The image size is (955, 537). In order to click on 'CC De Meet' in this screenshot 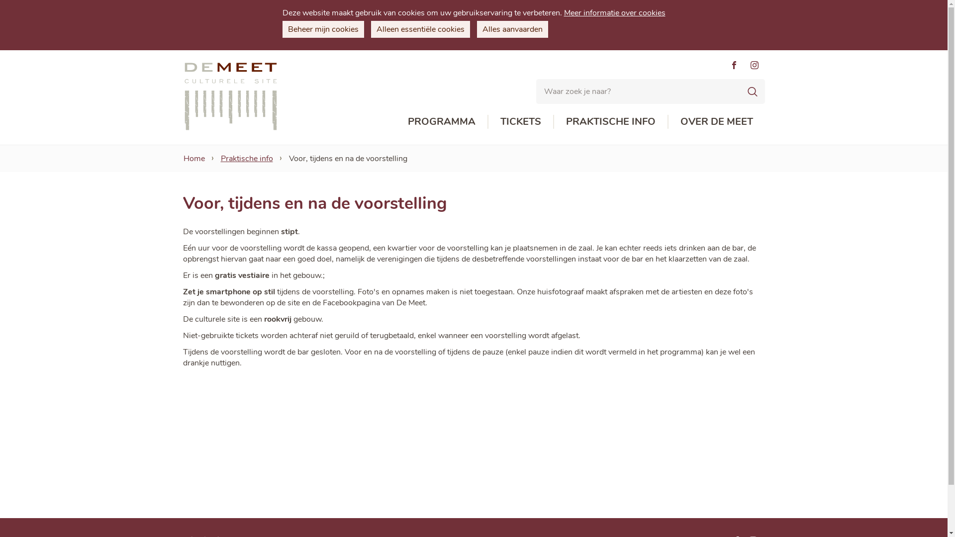, I will do `click(230, 96)`.